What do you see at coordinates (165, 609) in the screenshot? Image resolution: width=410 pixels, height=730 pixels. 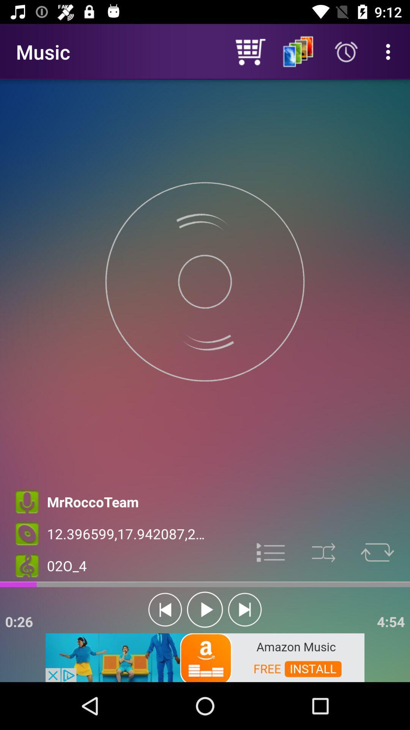 I see `skip to the start` at bounding box center [165, 609].